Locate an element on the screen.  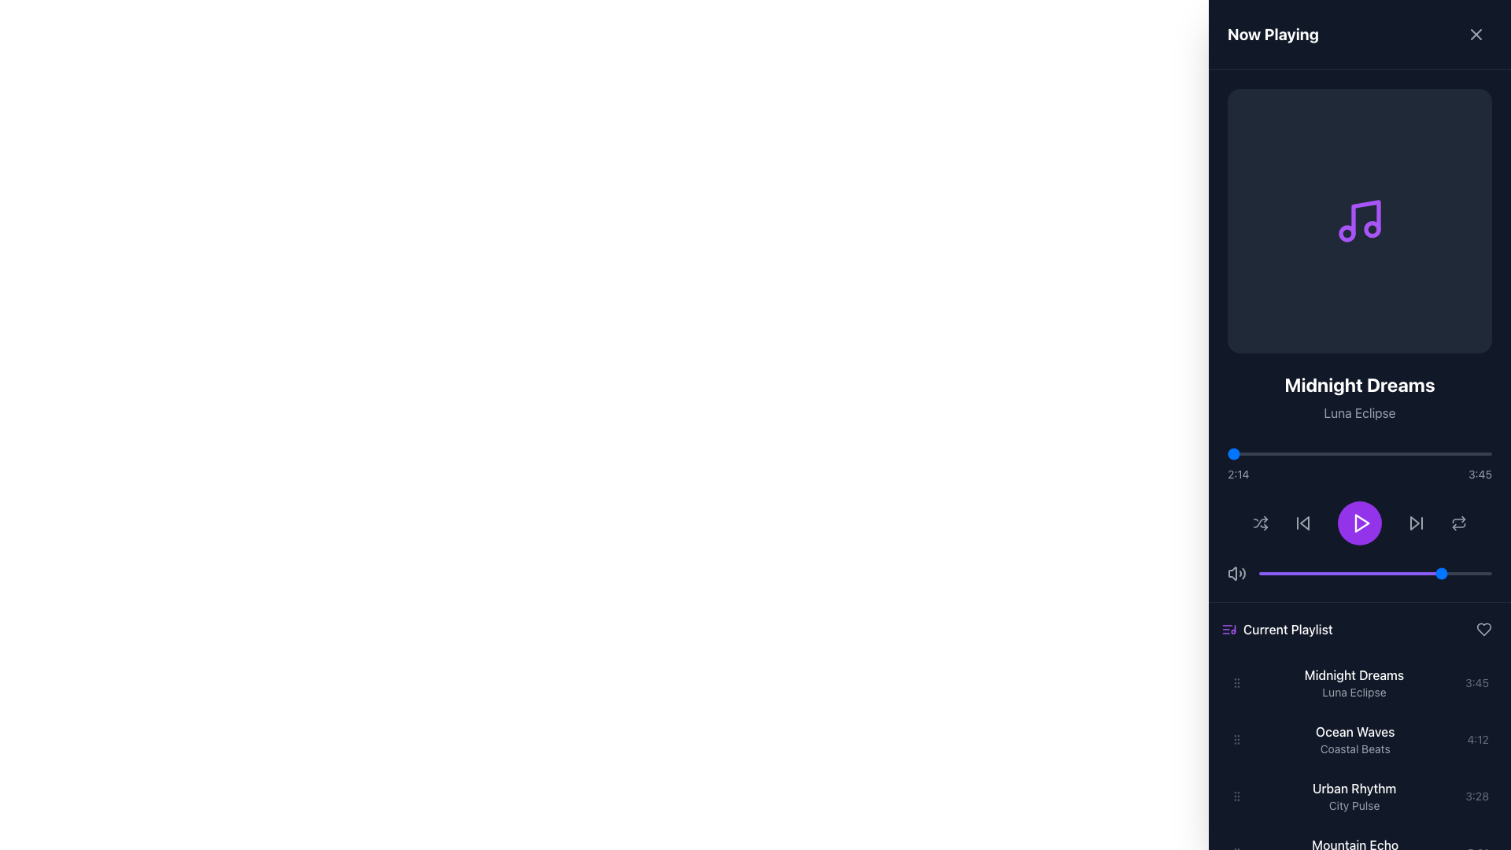
the 'Ocean Waves' song title label in the 'Current Playlist' section is located at coordinates (1354, 740).